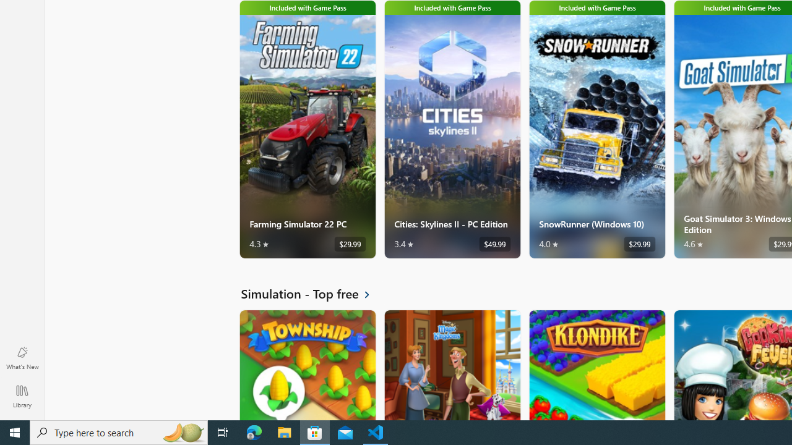 This screenshot has width=792, height=445. Describe the element at coordinates (22, 357) in the screenshot. I see `'What'` at that location.